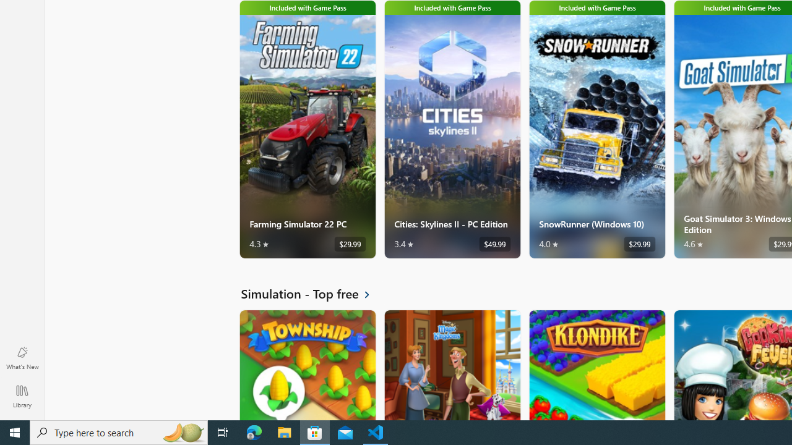 This screenshot has width=792, height=445. Describe the element at coordinates (22, 357) in the screenshot. I see `'What'` at that location.